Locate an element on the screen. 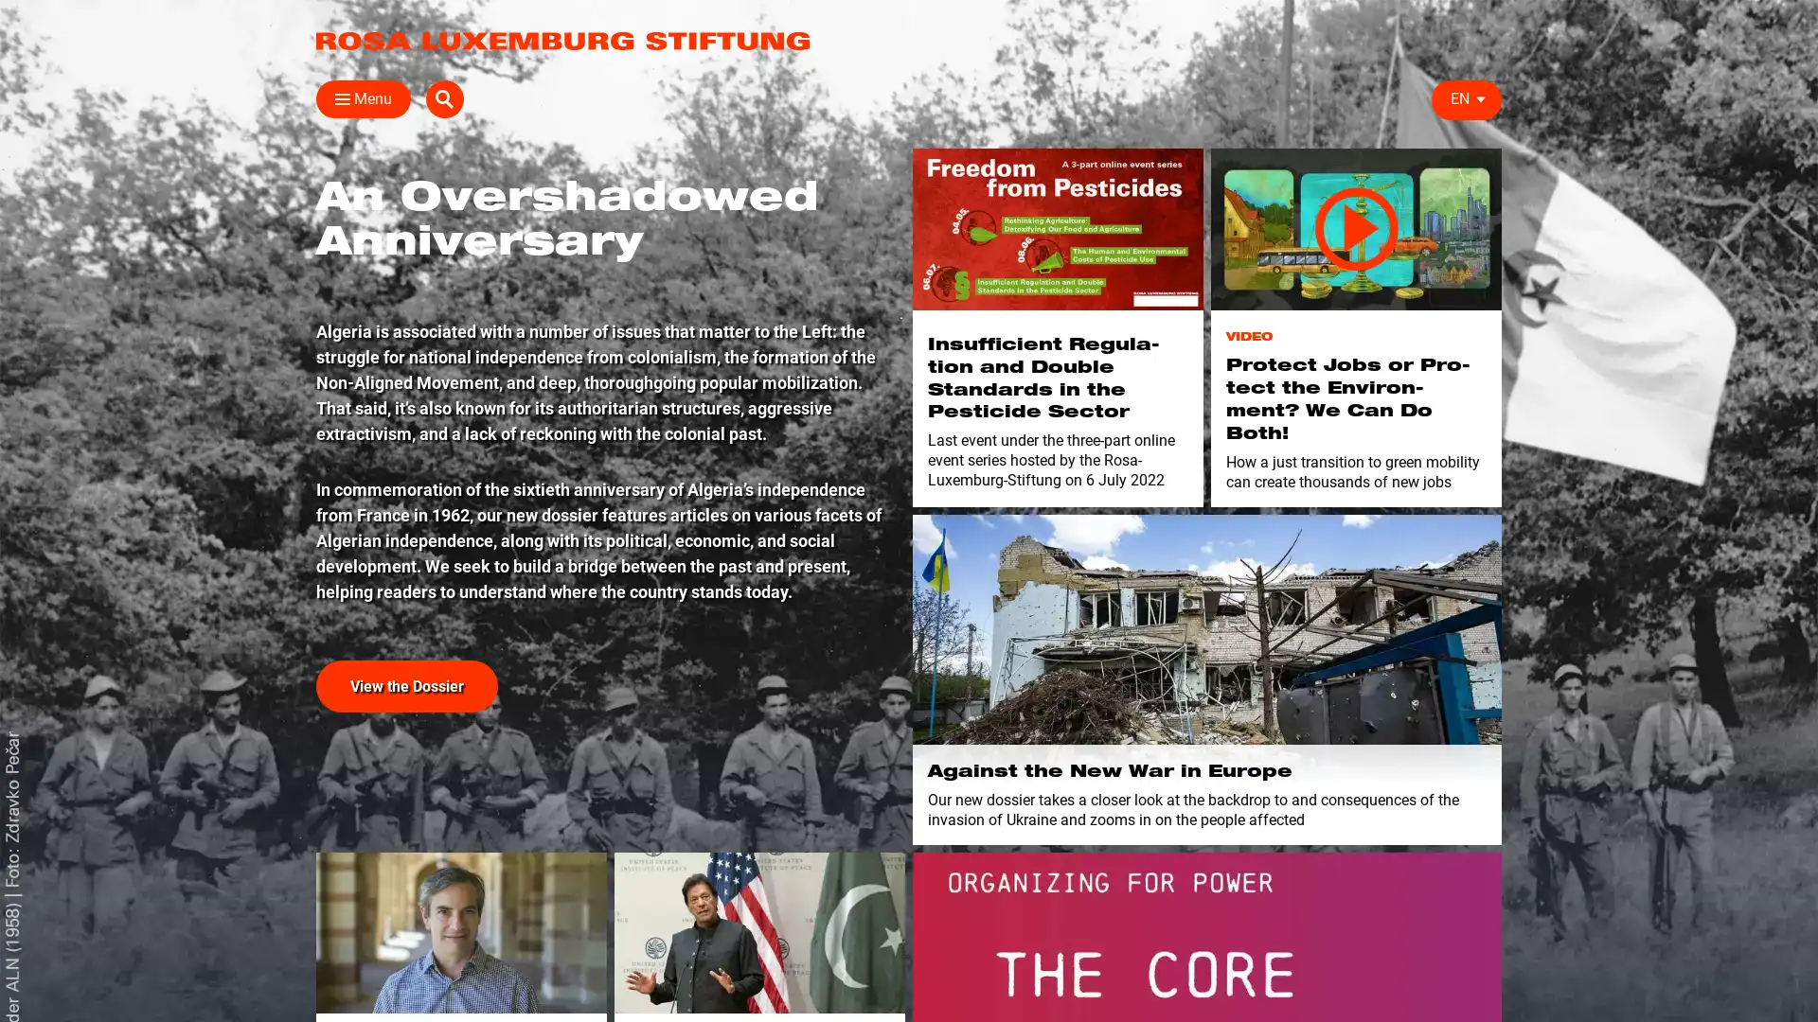 The width and height of the screenshot is (1818, 1022). Show more / less is located at coordinates (308, 344).